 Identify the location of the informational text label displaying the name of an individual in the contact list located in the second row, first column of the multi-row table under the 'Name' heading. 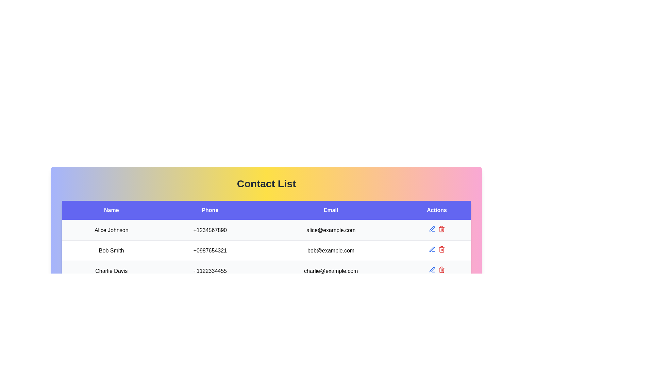
(111, 250).